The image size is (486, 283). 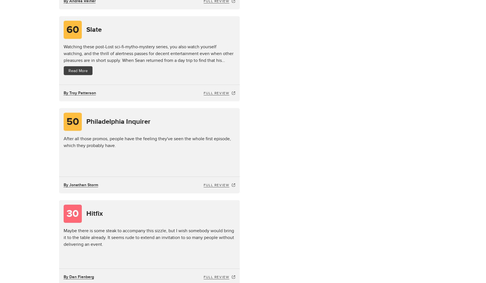 I want to click on 'After all those promos, people have the feeling they've seen the whole first episode, which they probably have.', so click(x=147, y=142).